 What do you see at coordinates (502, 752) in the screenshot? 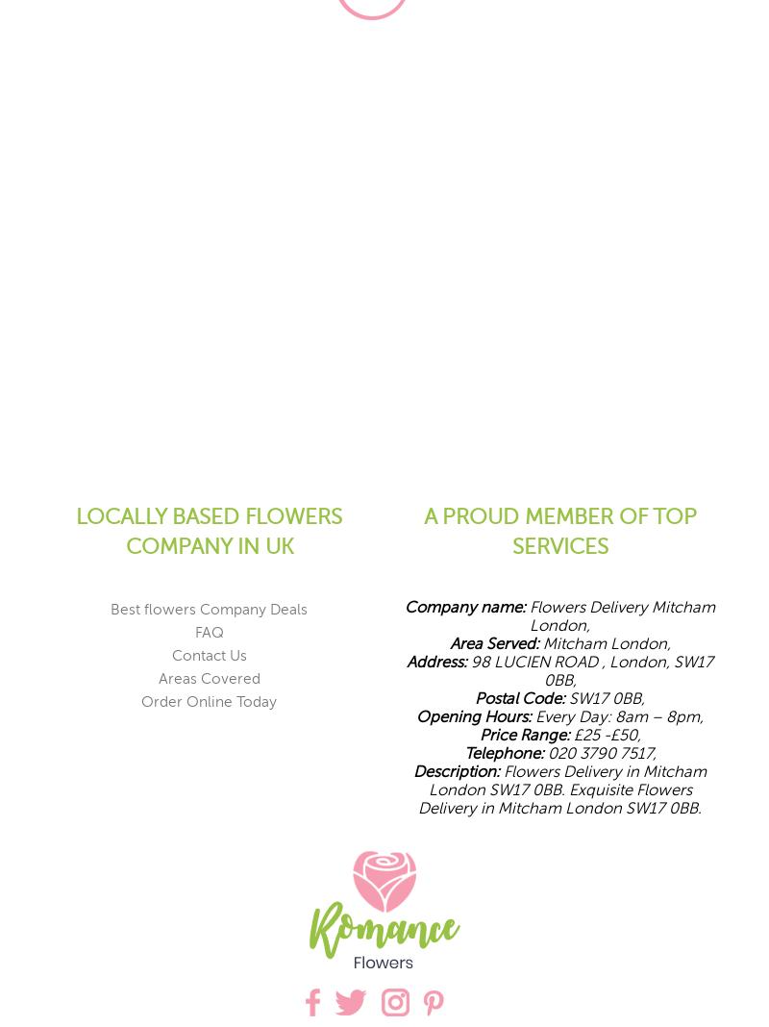
I see `'Telephone:'` at bounding box center [502, 752].